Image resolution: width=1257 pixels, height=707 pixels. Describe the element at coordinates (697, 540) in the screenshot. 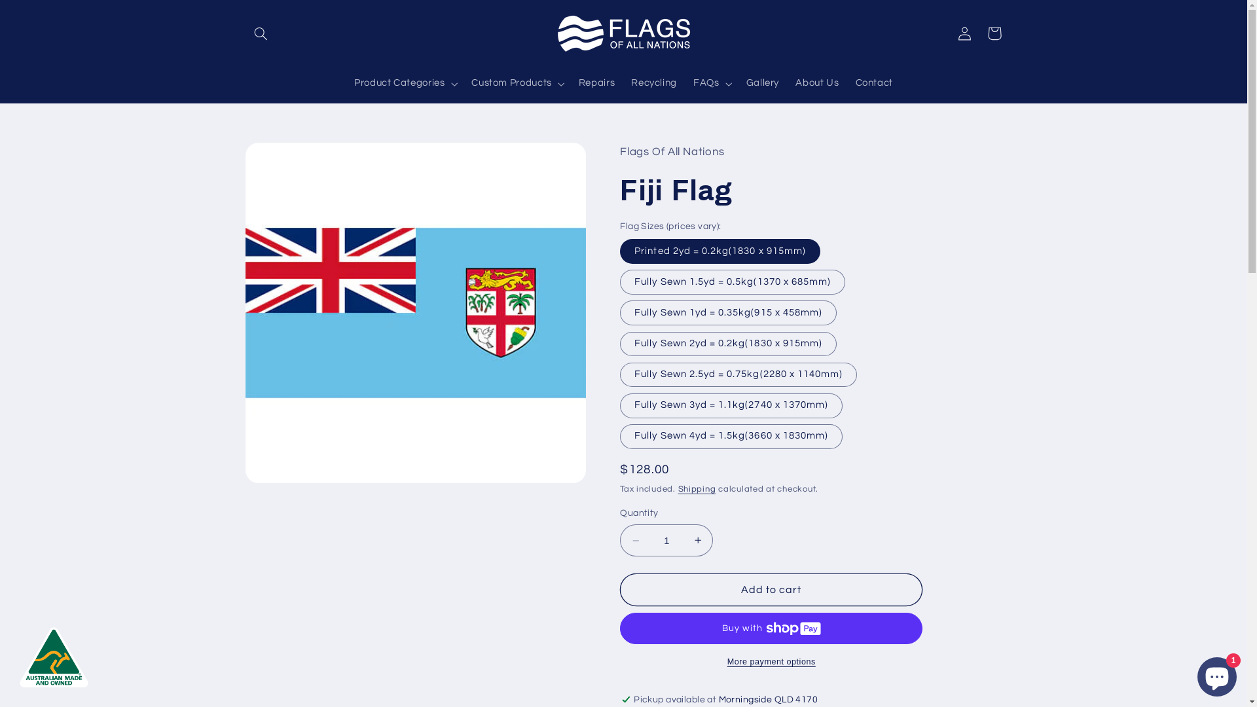

I see `'Increase quantity for Fiji Flag'` at that location.